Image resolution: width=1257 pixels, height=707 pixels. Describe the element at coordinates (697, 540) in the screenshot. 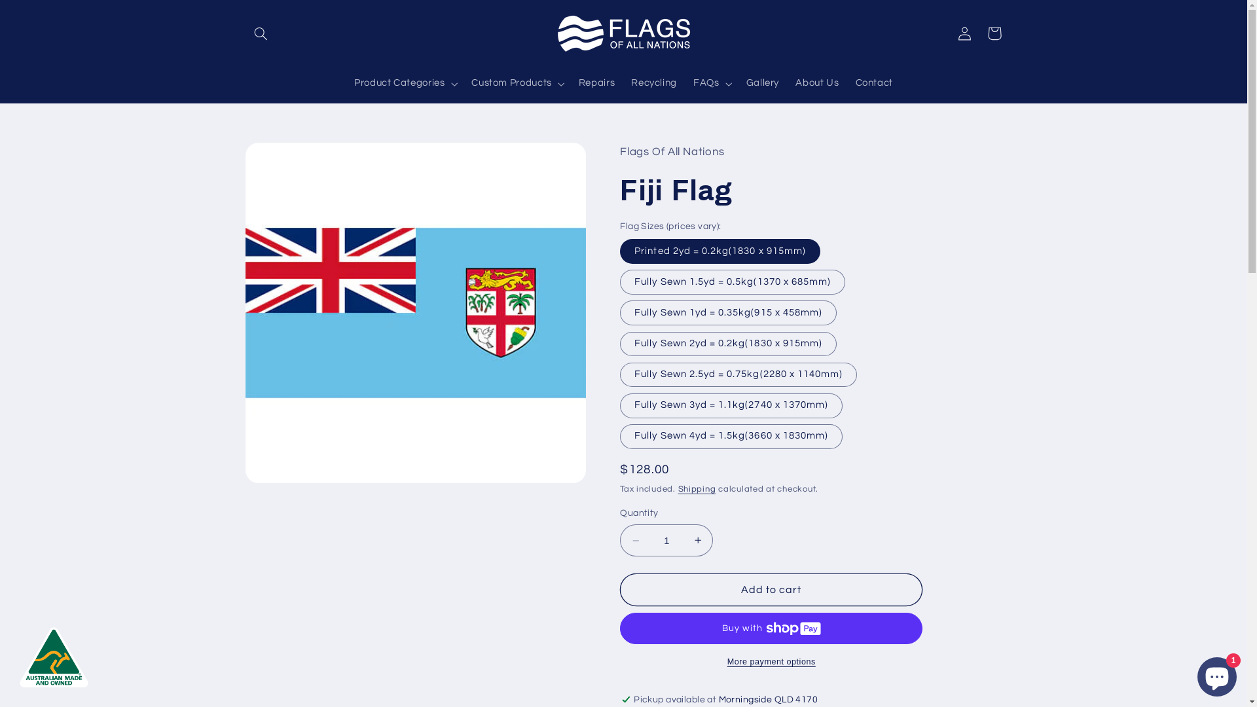

I see `'Increase quantity for Fiji Flag'` at that location.